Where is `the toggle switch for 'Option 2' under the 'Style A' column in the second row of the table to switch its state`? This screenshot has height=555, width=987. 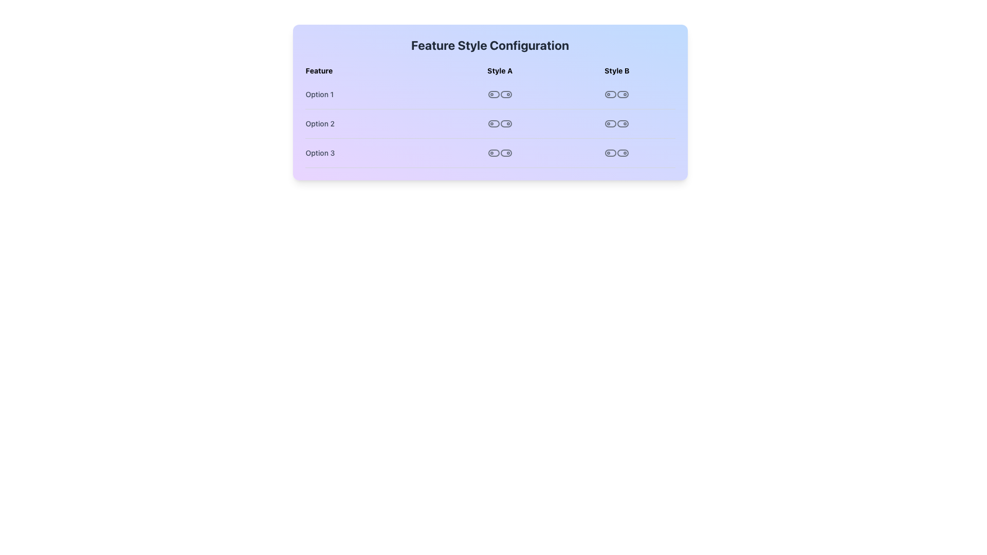 the toggle switch for 'Option 2' under the 'Style A' column in the second row of the table to switch its state is located at coordinates (489, 123).